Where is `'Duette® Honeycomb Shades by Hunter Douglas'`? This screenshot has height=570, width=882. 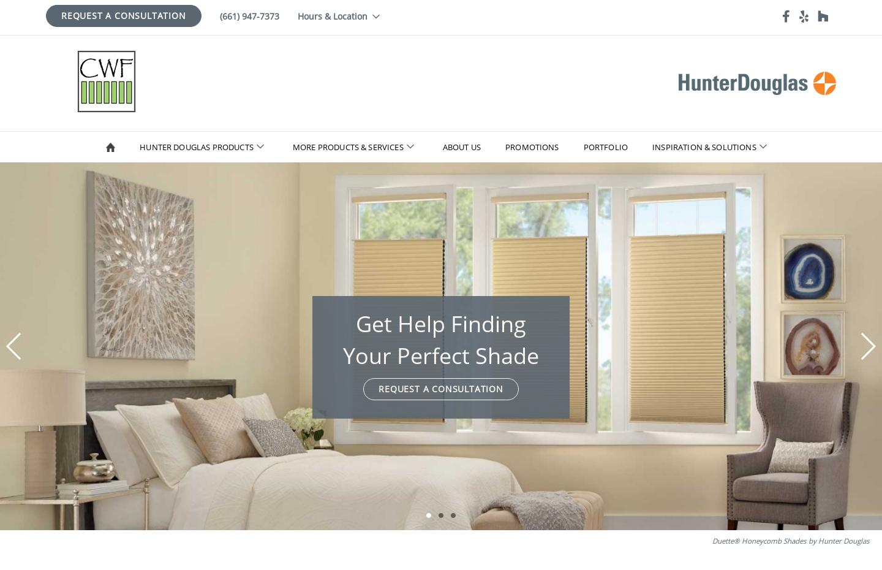 'Duette® Honeycomb Shades by Hunter Douglas' is located at coordinates (791, 541).